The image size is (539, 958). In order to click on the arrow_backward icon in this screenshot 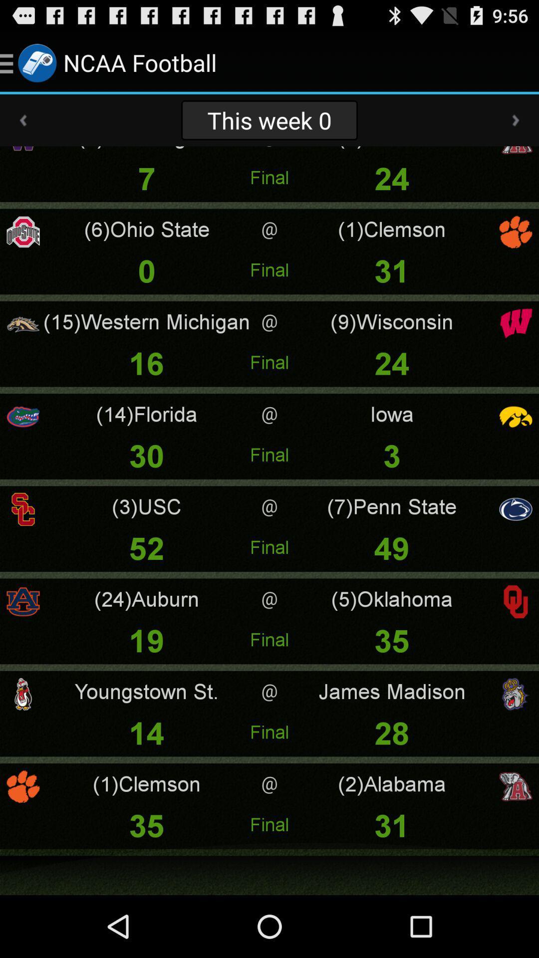, I will do `click(22, 128)`.